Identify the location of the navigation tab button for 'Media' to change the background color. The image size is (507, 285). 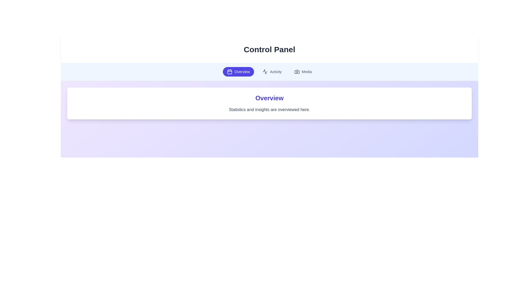
(303, 72).